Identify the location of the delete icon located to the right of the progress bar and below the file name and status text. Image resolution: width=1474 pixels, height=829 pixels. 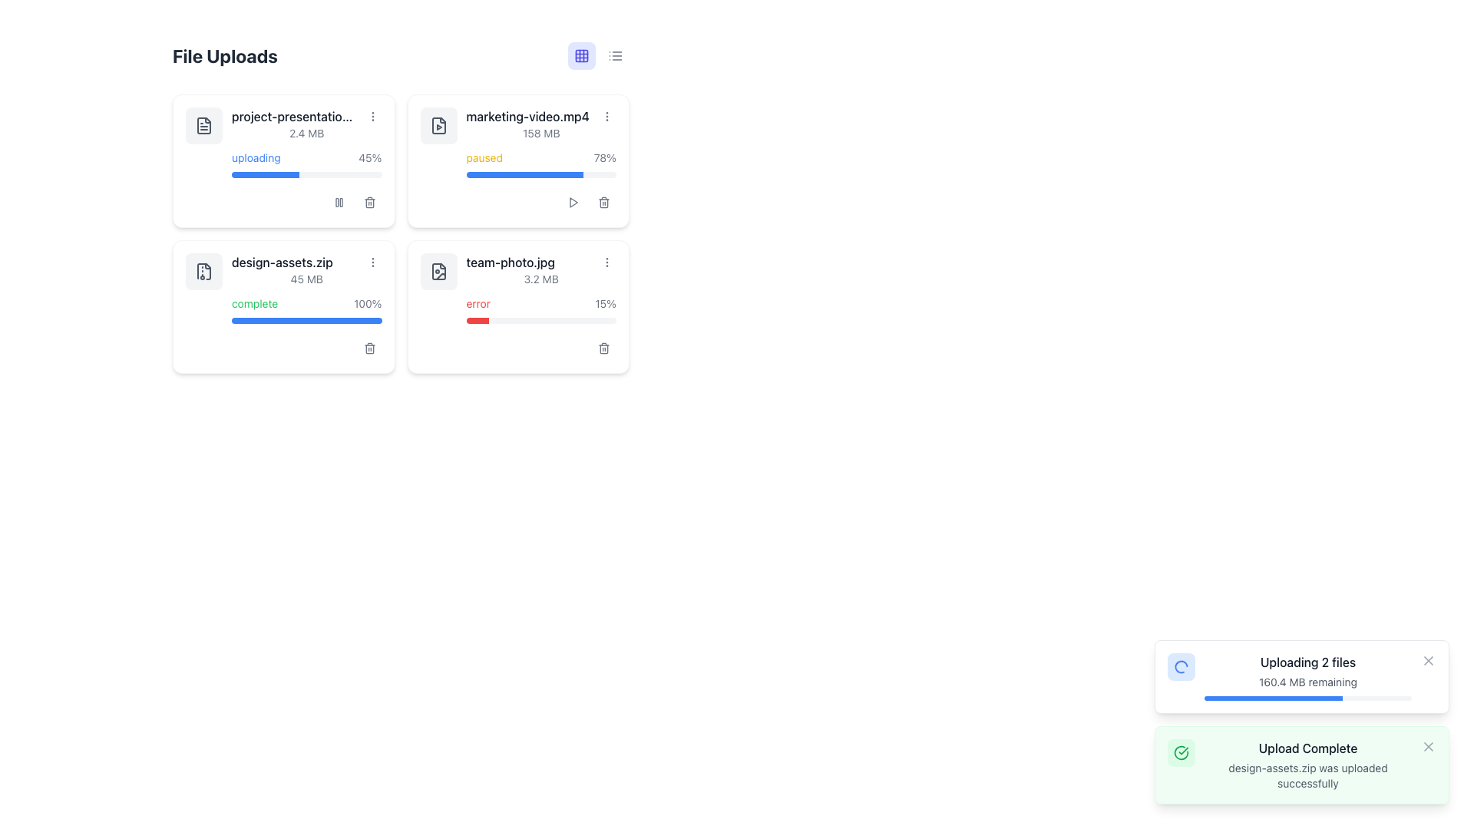
(369, 349).